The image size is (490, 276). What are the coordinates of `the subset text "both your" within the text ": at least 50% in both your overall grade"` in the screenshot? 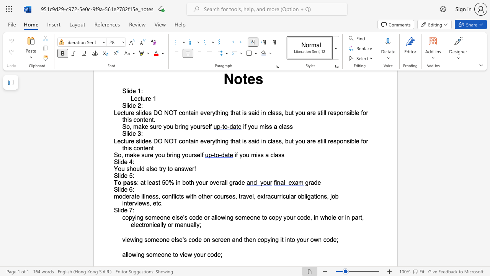 It's located at (182, 182).